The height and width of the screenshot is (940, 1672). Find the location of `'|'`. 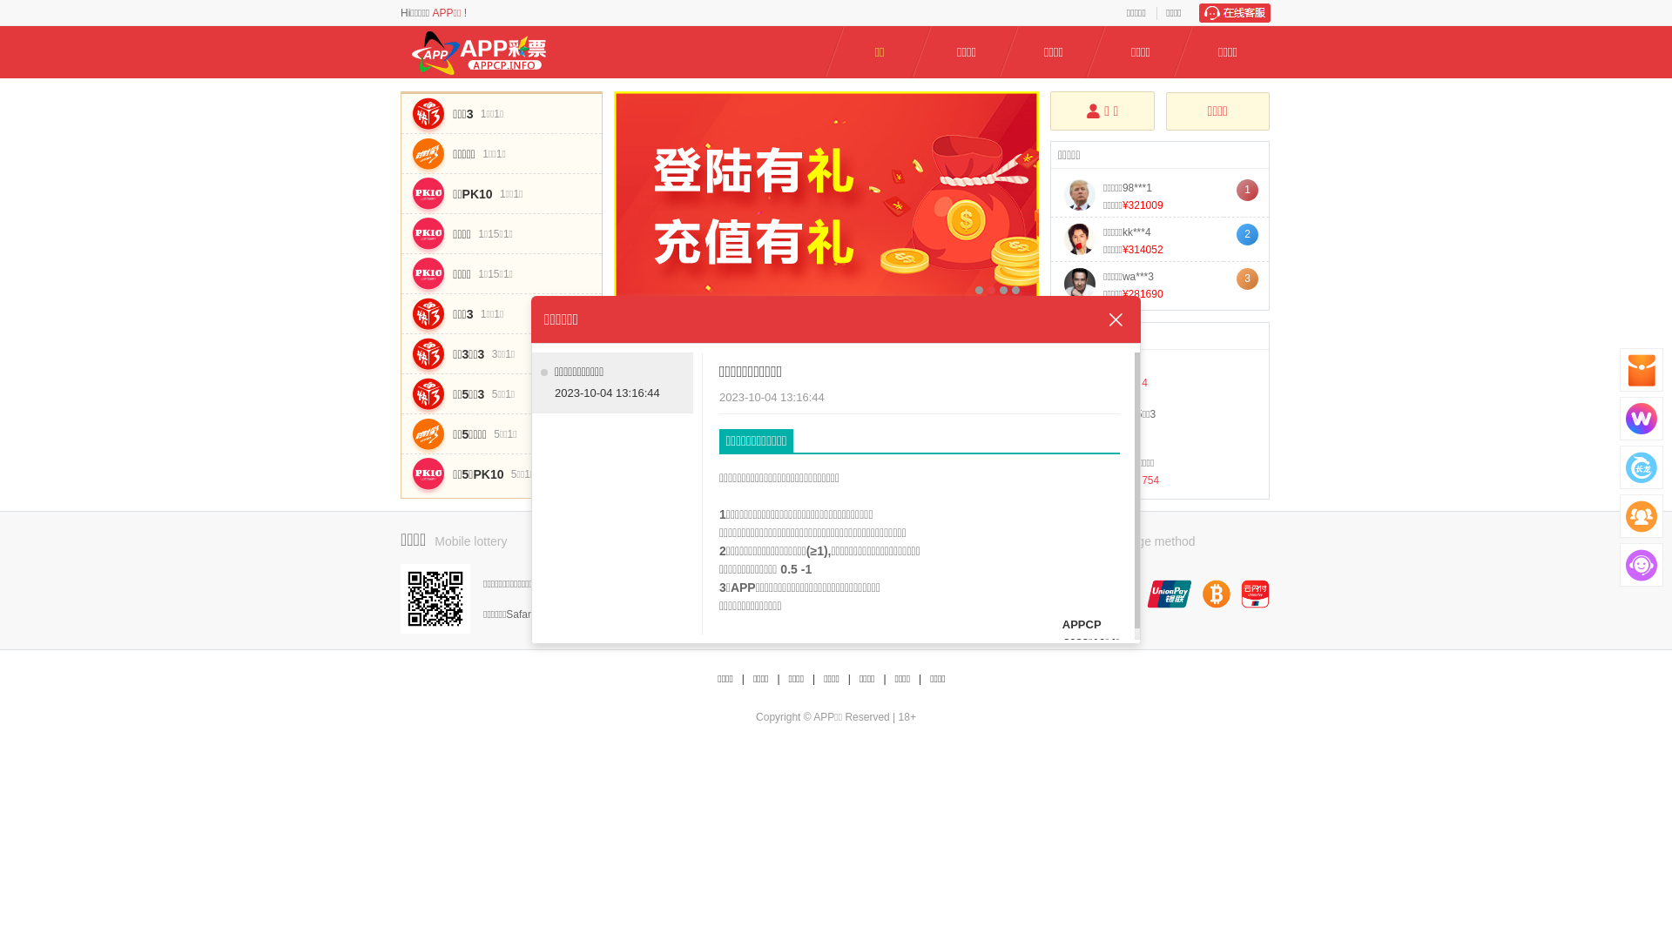

'|' is located at coordinates (849, 678).